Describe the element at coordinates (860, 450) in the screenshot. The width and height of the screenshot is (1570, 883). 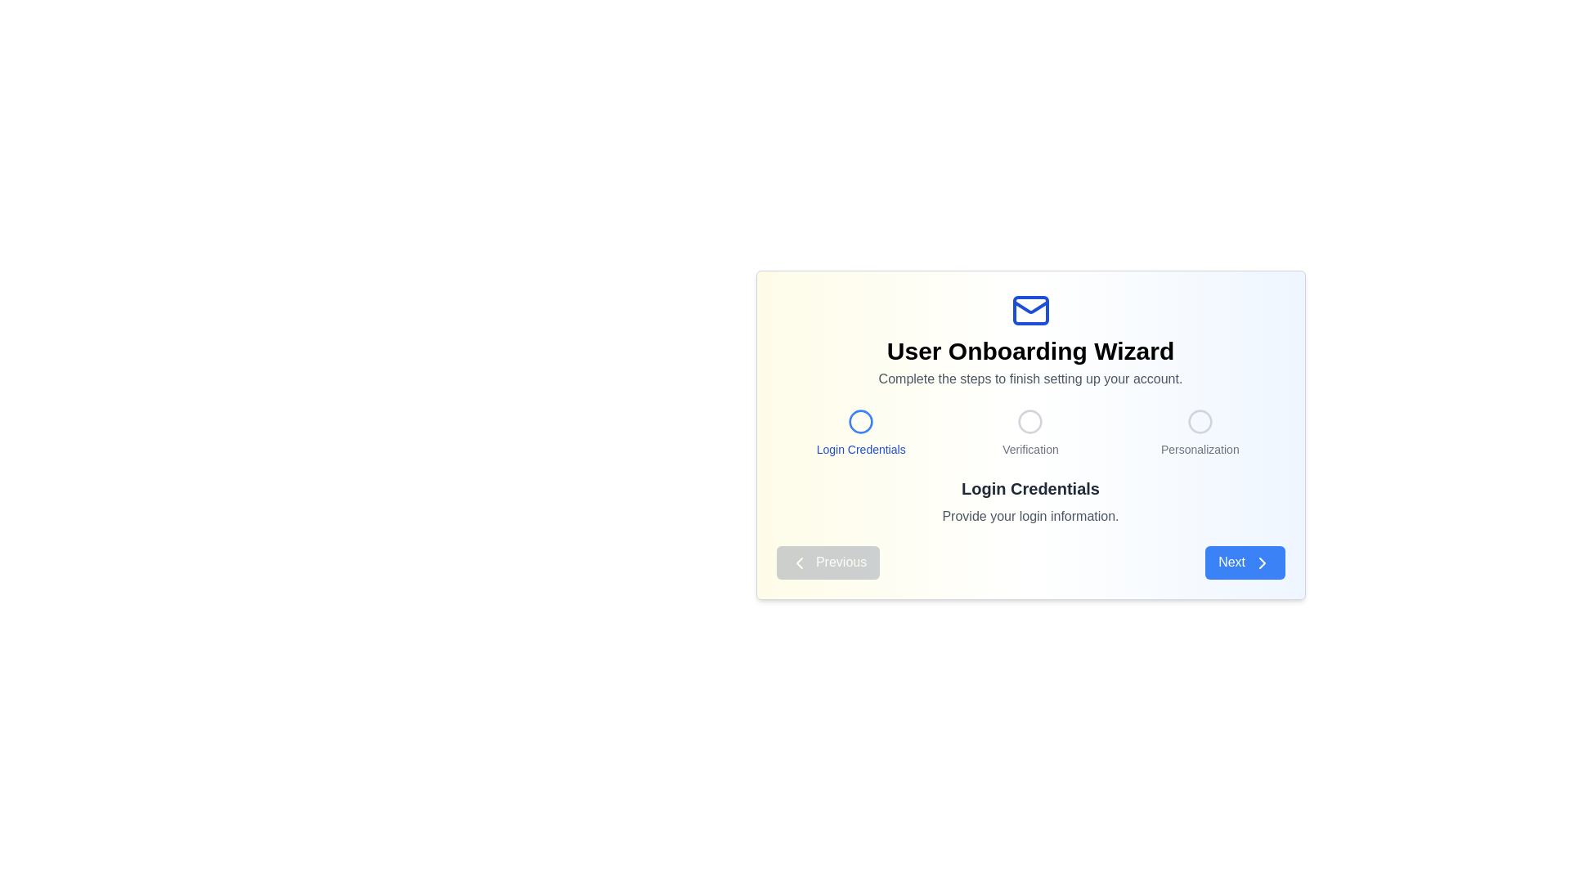
I see `the 'Login Credentials' text label, which is styled in blue and located in the step indicator section of the onboarding wizard` at that location.